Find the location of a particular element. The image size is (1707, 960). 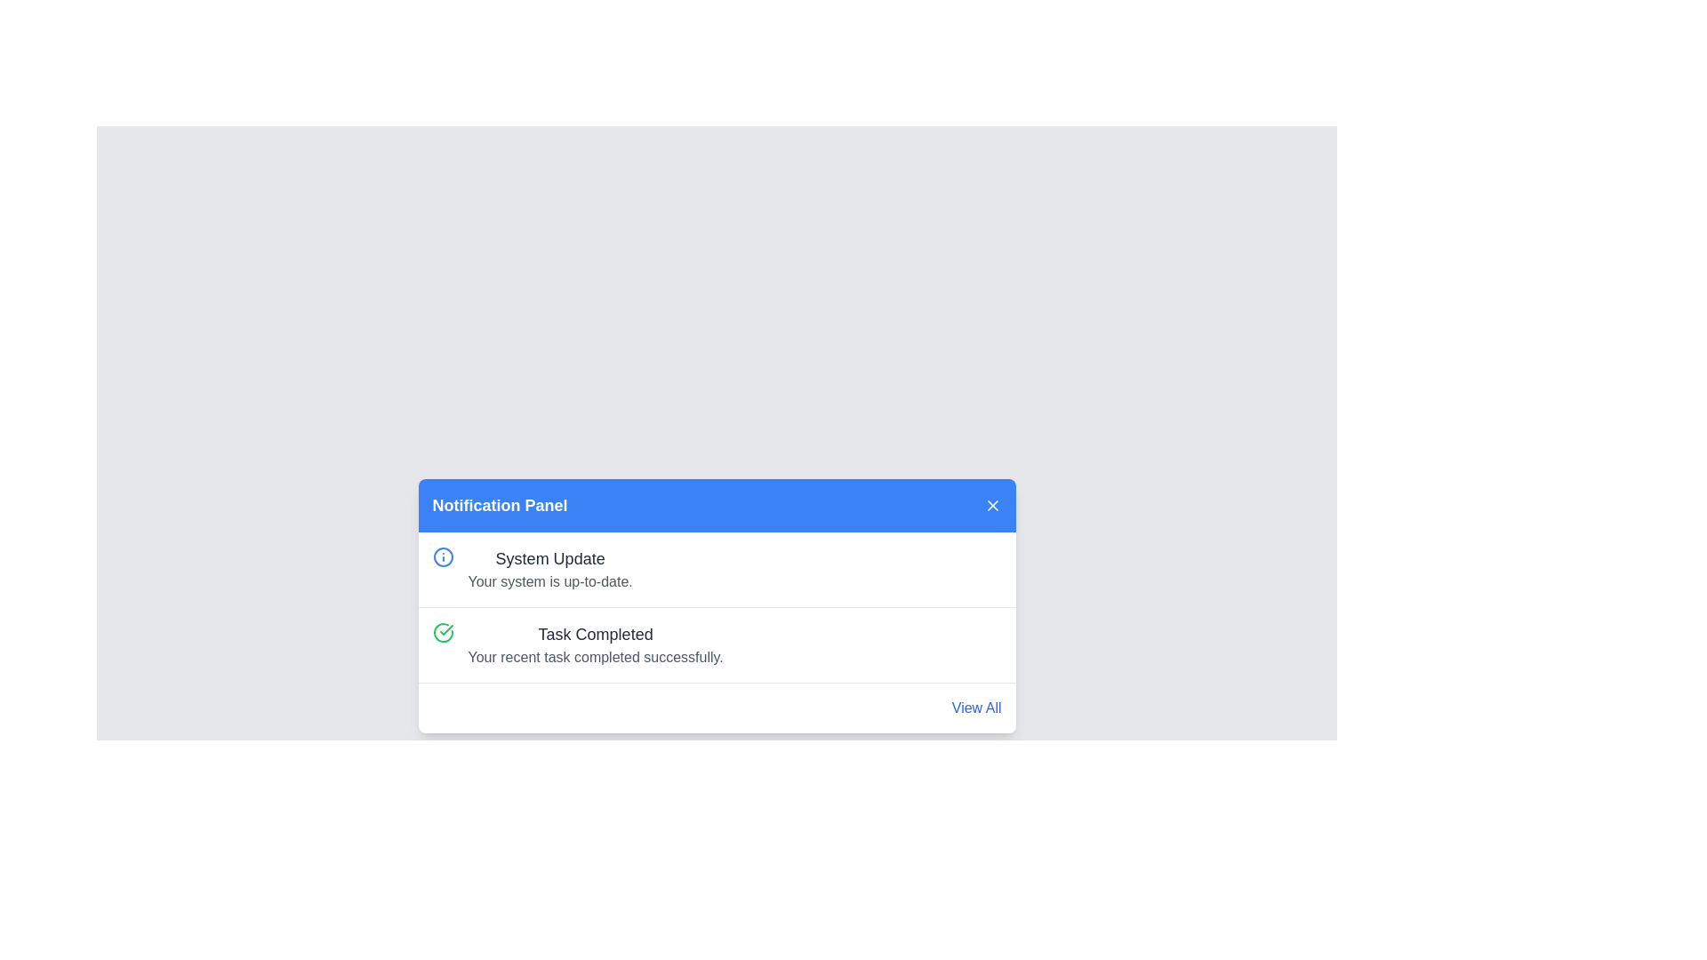

the static text that reads 'Your system is up-to-date.' located beneath the 'System Update' header is located at coordinates (549, 582).